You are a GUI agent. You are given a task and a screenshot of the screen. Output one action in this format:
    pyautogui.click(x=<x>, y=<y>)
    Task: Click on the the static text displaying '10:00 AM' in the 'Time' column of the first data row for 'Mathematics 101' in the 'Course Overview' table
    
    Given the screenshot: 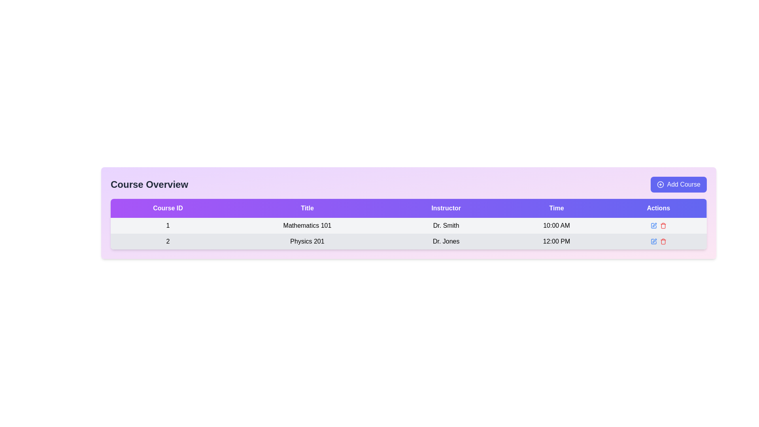 What is the action you would take?
    pyautogui.click(x=556, y=225)
    